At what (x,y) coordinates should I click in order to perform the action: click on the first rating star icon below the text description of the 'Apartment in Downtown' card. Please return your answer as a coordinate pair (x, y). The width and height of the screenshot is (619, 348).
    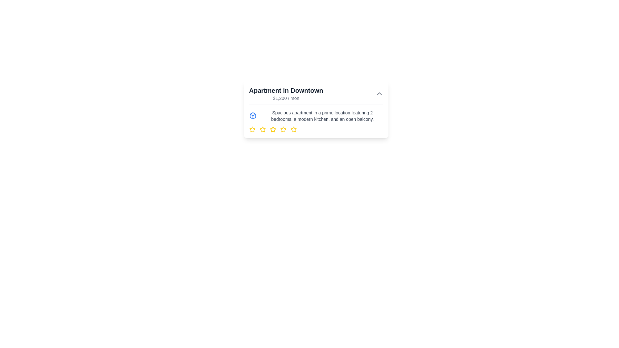
    Looking at the image, I should click on (262, 129).